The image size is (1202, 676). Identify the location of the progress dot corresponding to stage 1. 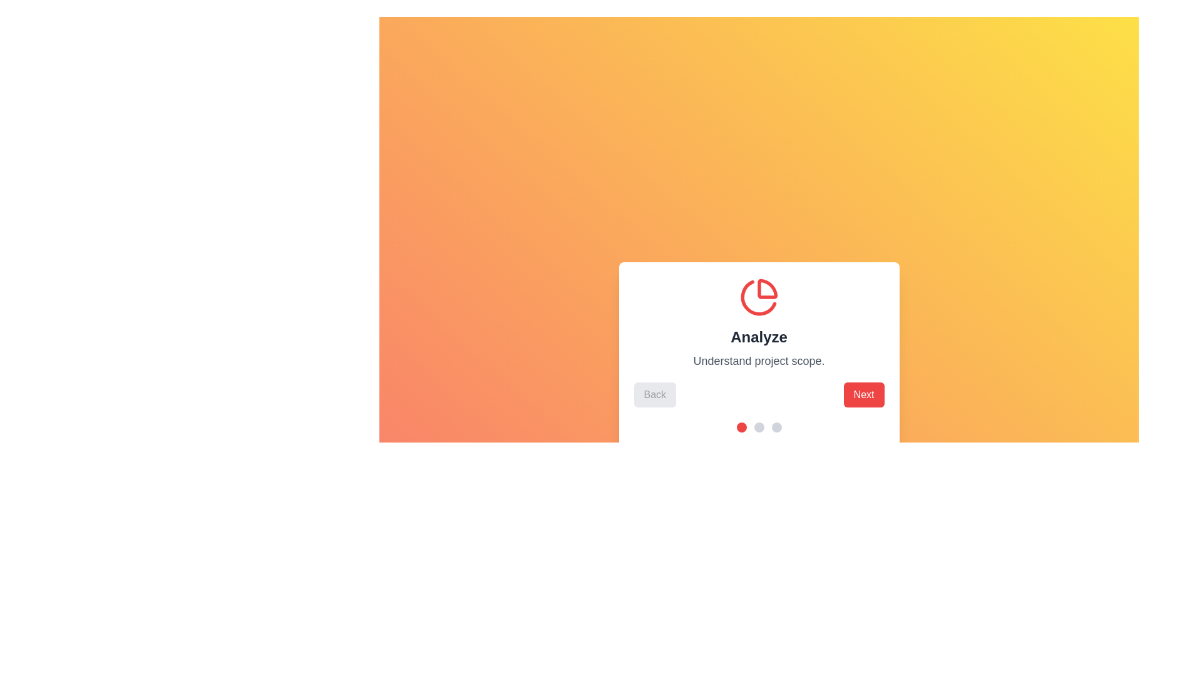
(741, 426).